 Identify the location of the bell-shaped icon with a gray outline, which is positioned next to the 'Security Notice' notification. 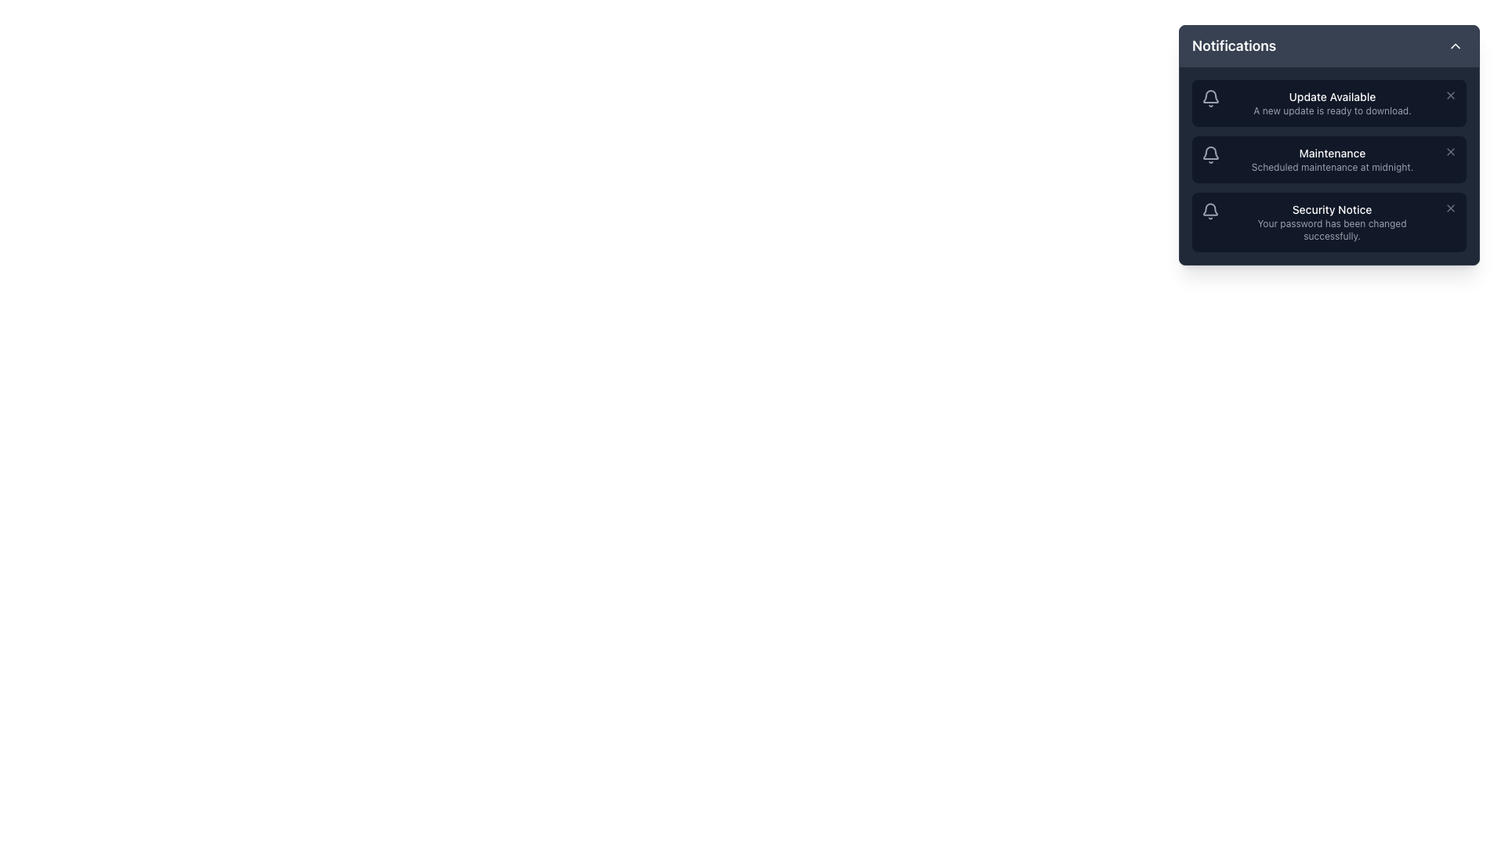
(1209, 211).